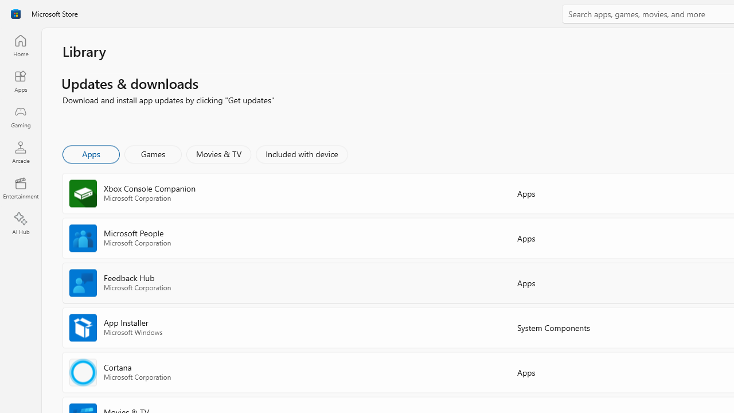 Image resolution: width=734 pixels, height=413 pixels. What do you see at coordinates (15, 14) in the screenshot?
I see `'Class: Image'` at bounding box center [15, 14].